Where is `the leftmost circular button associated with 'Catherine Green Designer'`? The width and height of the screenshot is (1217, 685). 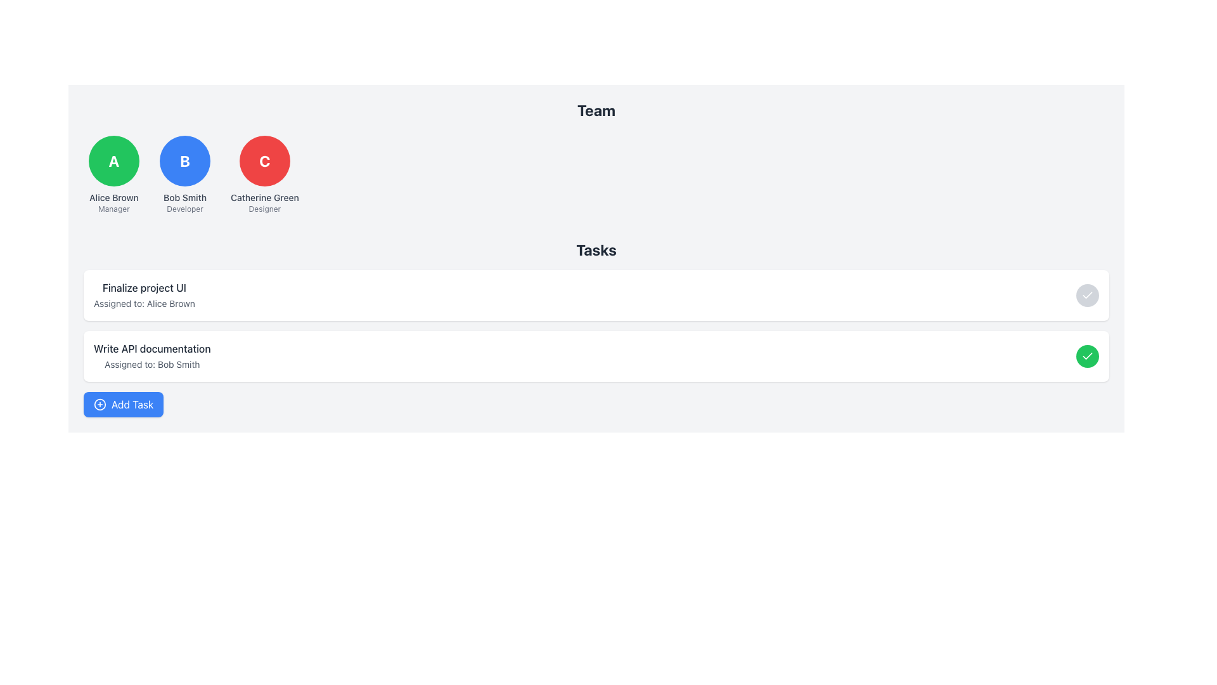
the leftmost circular button associated with 'Catherine Green Designer' is located at coordinates (264, 160).